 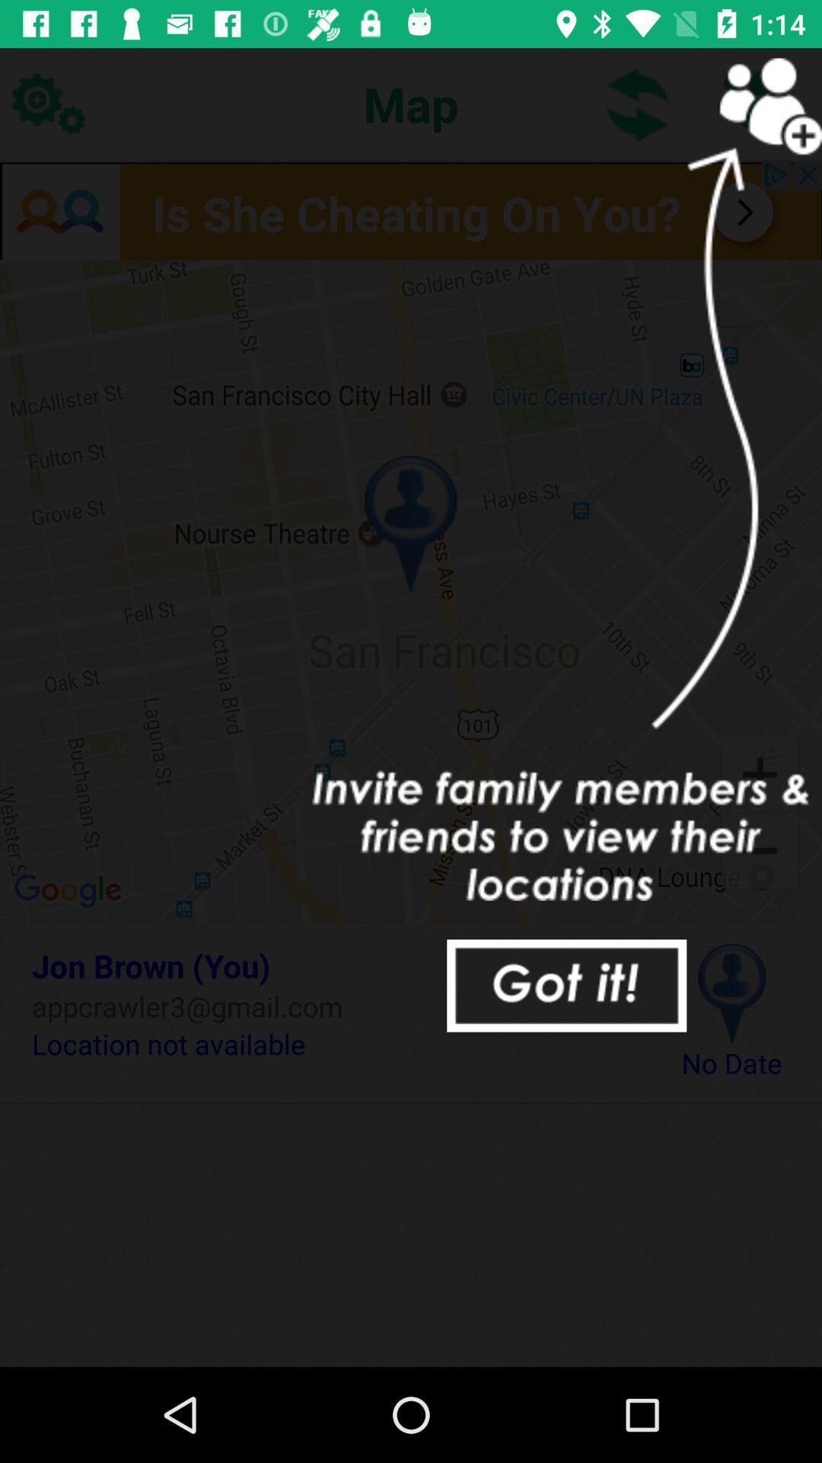 I want to click on settings, so click(x=46, y=103).